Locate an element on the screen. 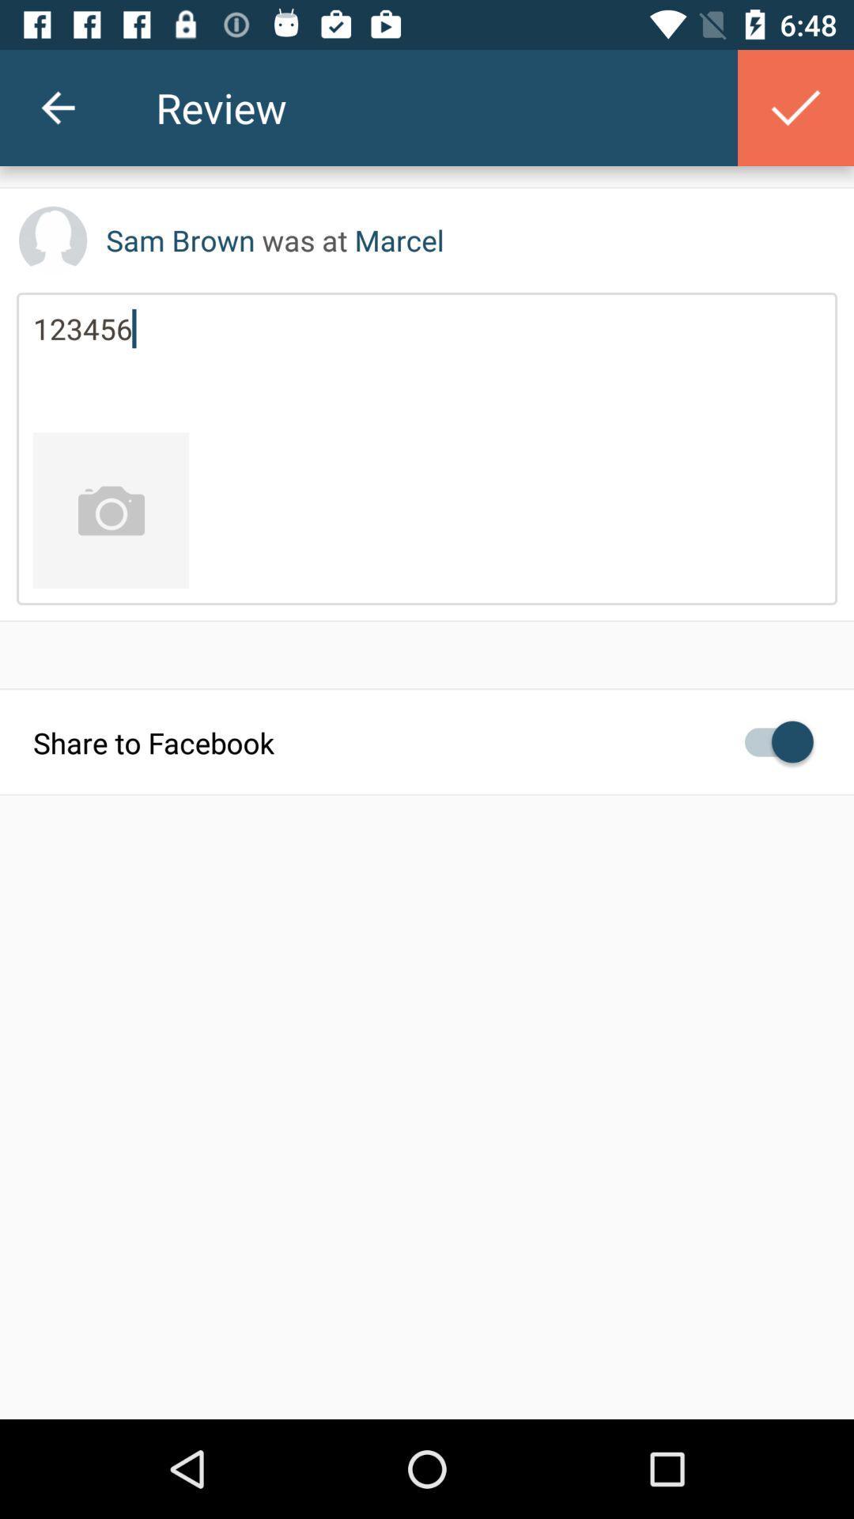  the photo icon is located at coordinates (110, 510).